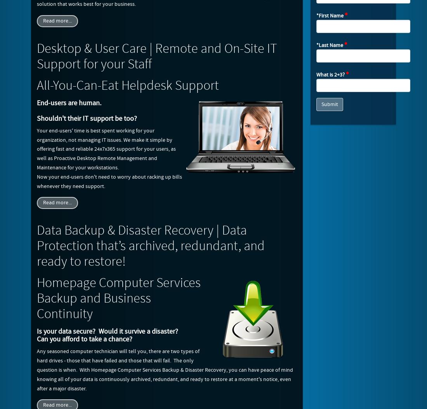 The image size is (427, 409). Describe the element at coordinates (316, 75) in the screenshot. I see `'What is 2+3?'` at that location.